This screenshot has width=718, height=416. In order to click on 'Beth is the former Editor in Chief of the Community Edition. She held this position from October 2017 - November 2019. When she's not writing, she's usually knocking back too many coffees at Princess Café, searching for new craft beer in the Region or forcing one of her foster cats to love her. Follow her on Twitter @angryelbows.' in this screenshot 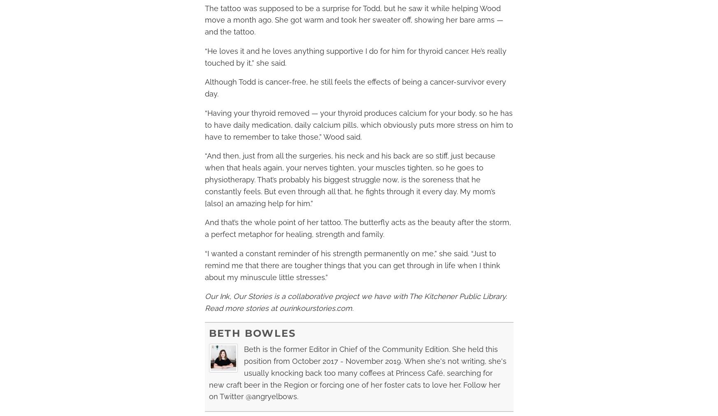, I will do `click(357, 372)`.